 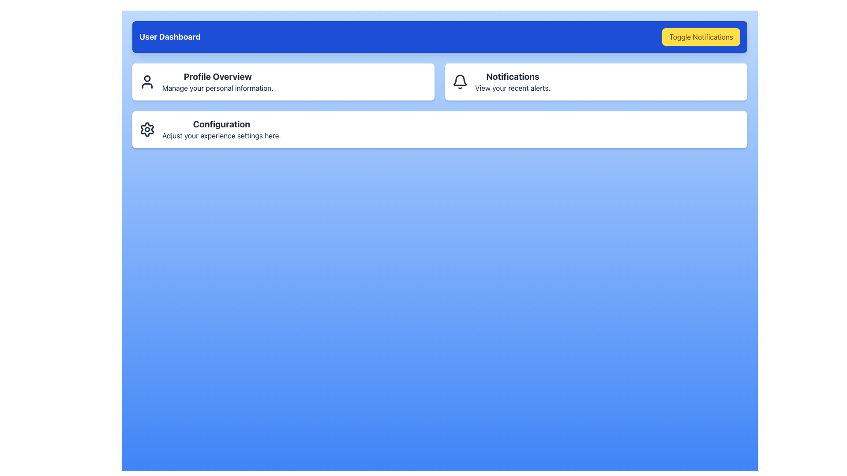 What do you see at coordinates (701, 37) in the screenshot?
I see `the 'Toggle Notifications' button located in the top-right corner of the 'User Dashboard' section` at bounding box center [701, 37].